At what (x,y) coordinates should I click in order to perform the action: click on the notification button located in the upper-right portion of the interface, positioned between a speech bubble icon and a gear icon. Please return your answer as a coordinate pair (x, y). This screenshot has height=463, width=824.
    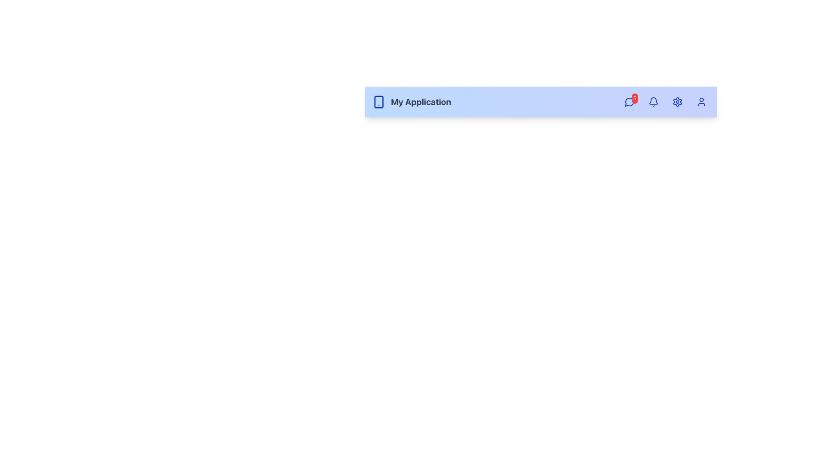
    Looking at the image, I should click on (653, 102).